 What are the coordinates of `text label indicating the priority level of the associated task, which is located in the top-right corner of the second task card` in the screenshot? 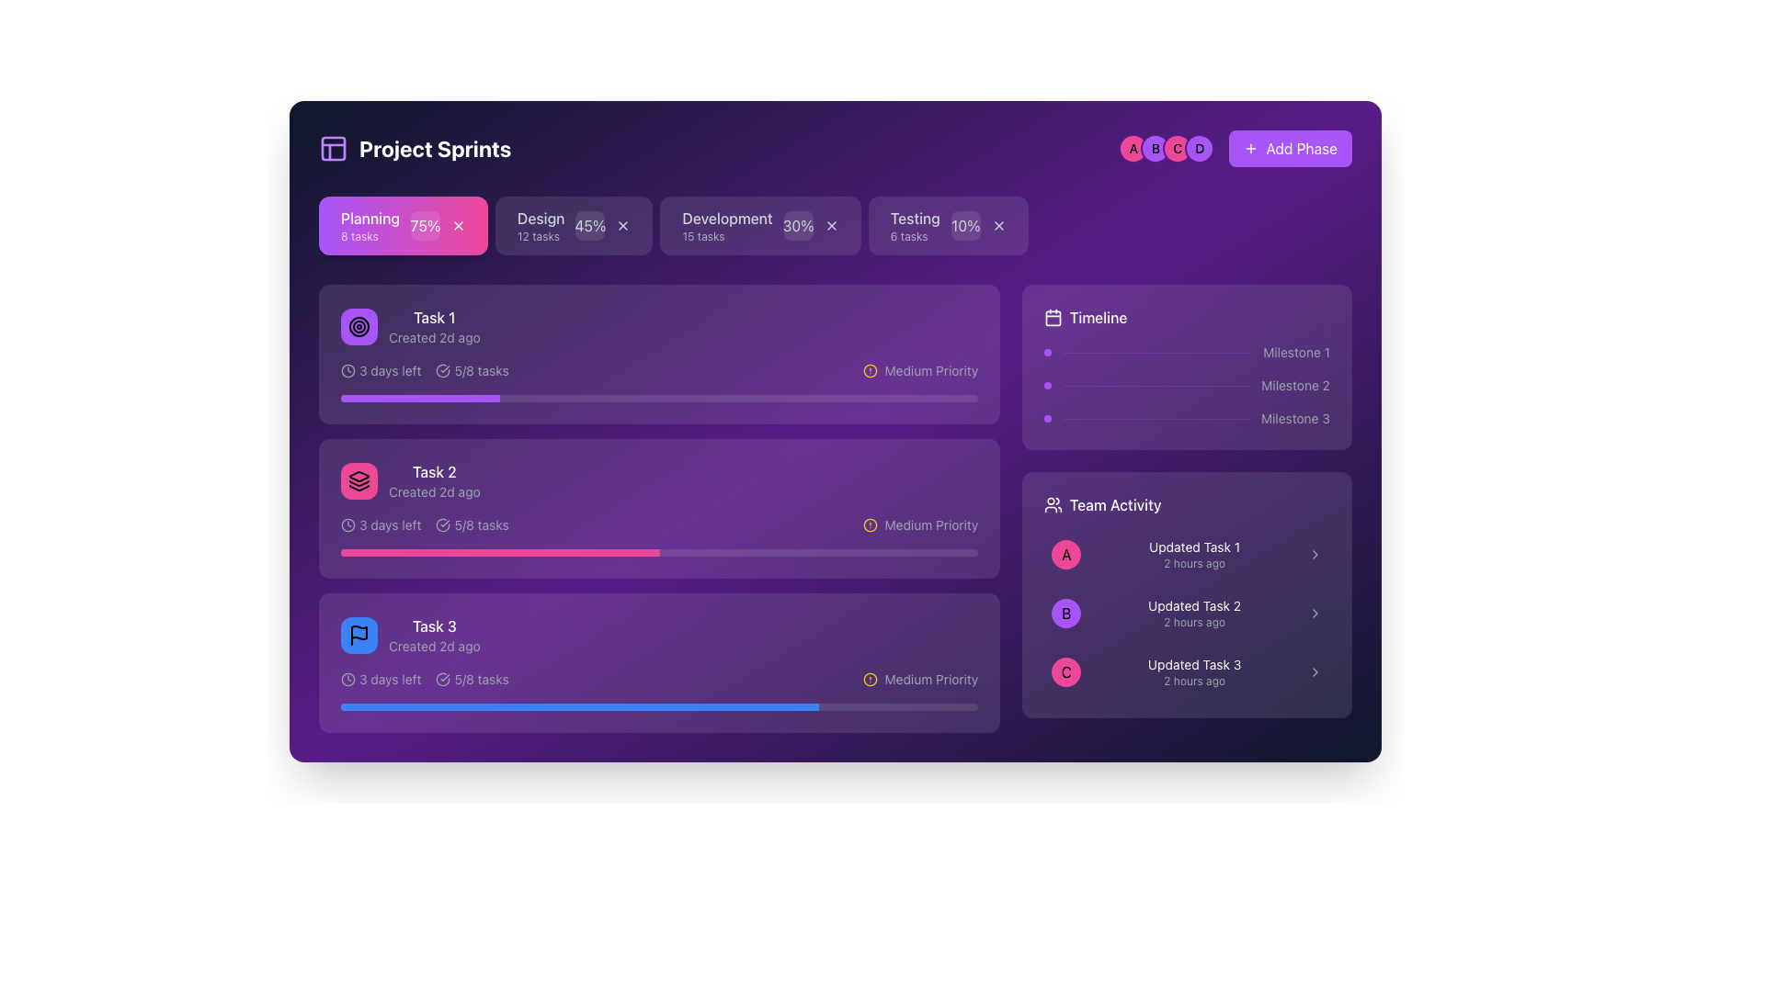 It's located at (931, 371).